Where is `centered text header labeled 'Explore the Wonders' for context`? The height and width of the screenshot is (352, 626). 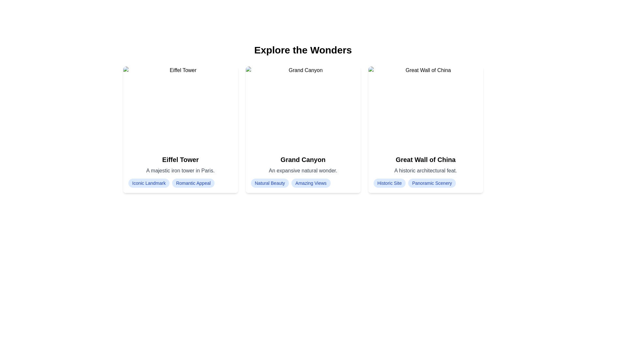
centered text header labeled 'Explore the Wonders' for context is located at coordinates (303, 50).